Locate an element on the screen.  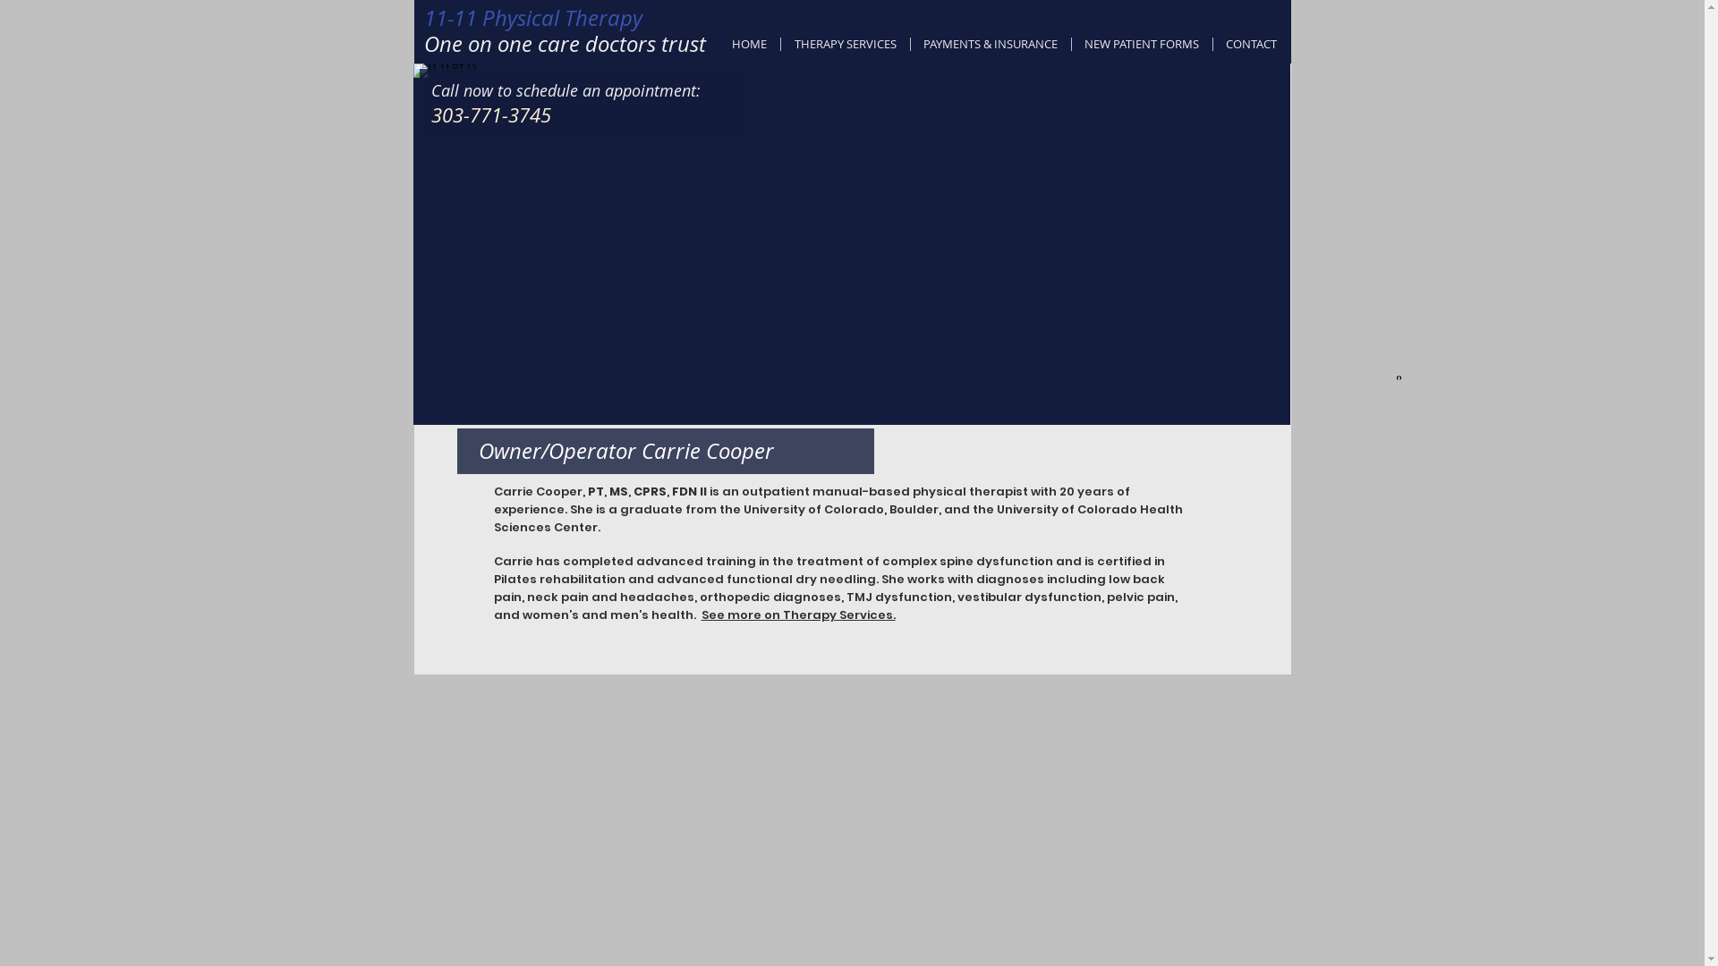
'CONTACT' is located at coordinates (1250, 43).